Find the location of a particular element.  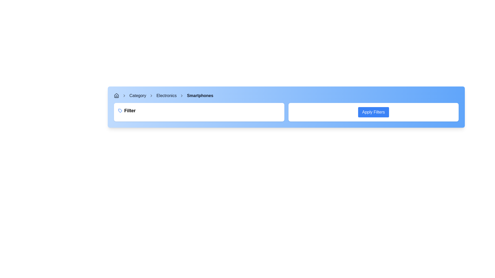

the 'Smartphones' text label in the breadcrumb navigation bar, which indicates the user's current location in the website's navigation hierarchy is located at coordinates (200, 95).